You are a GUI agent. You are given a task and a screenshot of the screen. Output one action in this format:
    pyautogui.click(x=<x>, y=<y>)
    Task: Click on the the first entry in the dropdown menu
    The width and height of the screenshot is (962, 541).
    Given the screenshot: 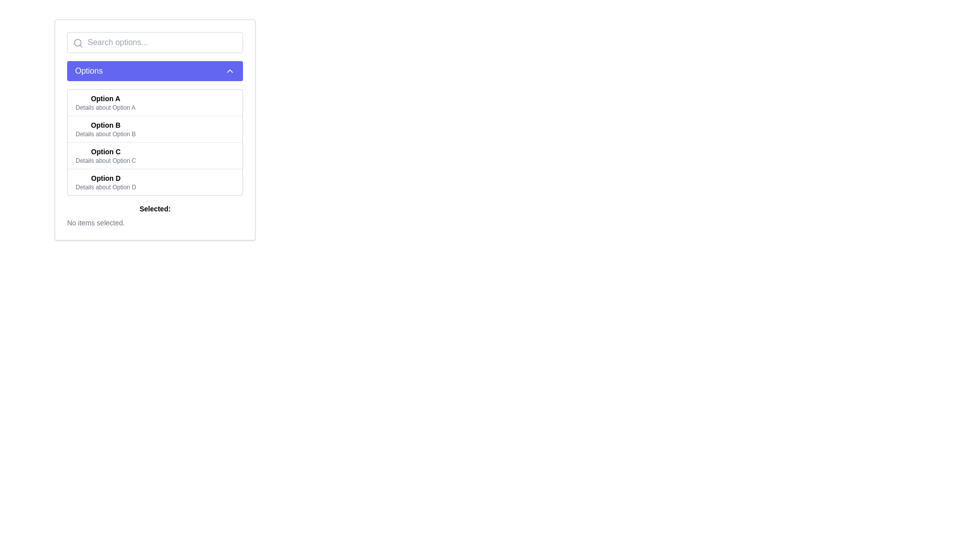 What is the action you would take?
    pyautogui.click(x=154, y=102)
    